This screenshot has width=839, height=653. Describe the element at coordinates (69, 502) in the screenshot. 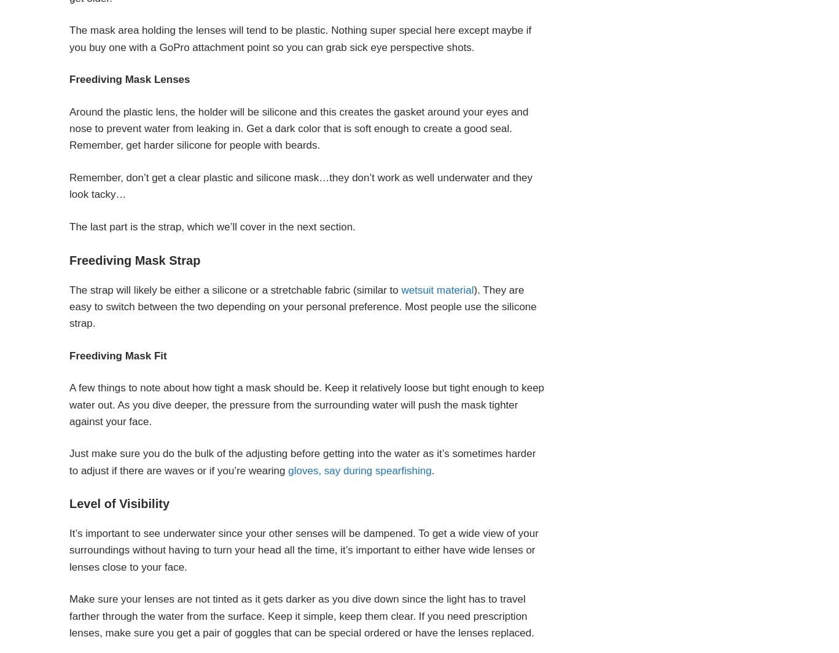

I see `'Level of Visibility'` at that location.